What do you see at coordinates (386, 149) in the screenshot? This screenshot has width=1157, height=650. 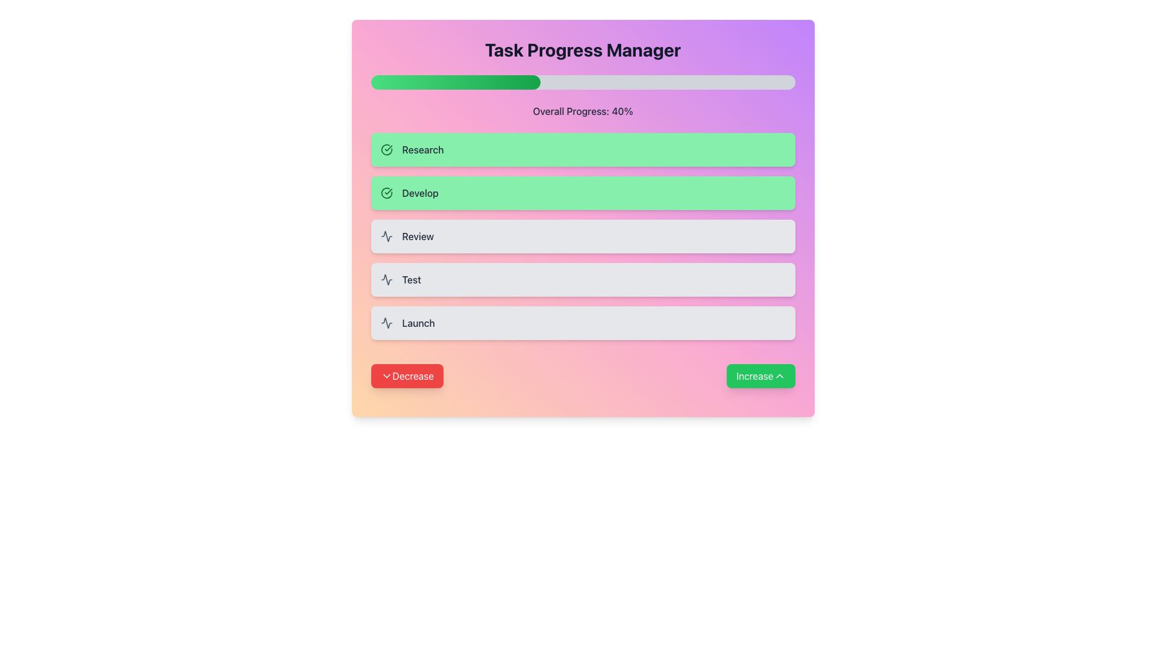 I see `the green circular icon with a white background and green checkmark, located to the left of the 'Research' text in the green-highlighted card` at bounding box center [386, 149].